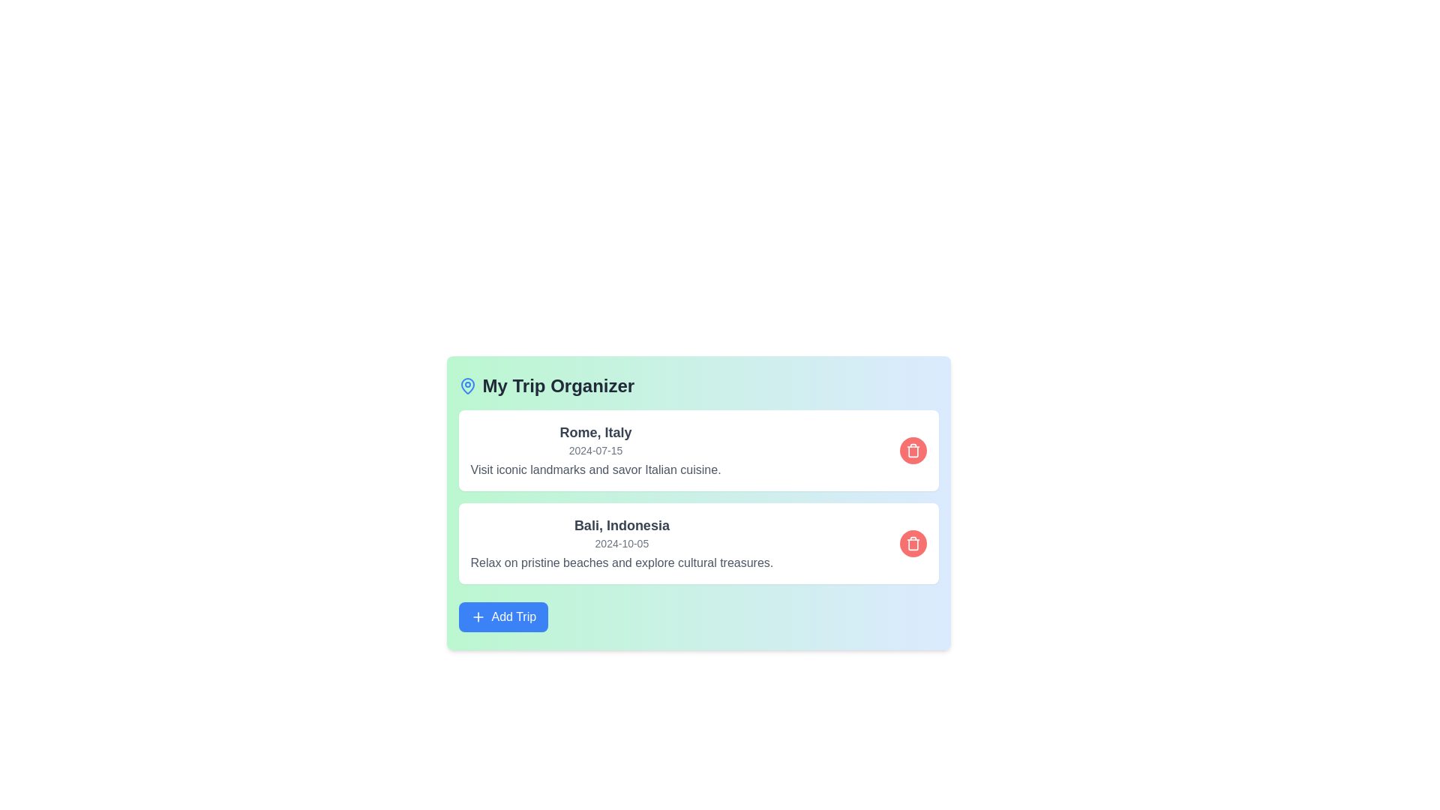 This screenshot has width=1440, height=810. Describe the element at coordinates (912, 450) in the screenshot. I see `the red trash icon corresponding to Rome, Italy to delete the trip` at that location.